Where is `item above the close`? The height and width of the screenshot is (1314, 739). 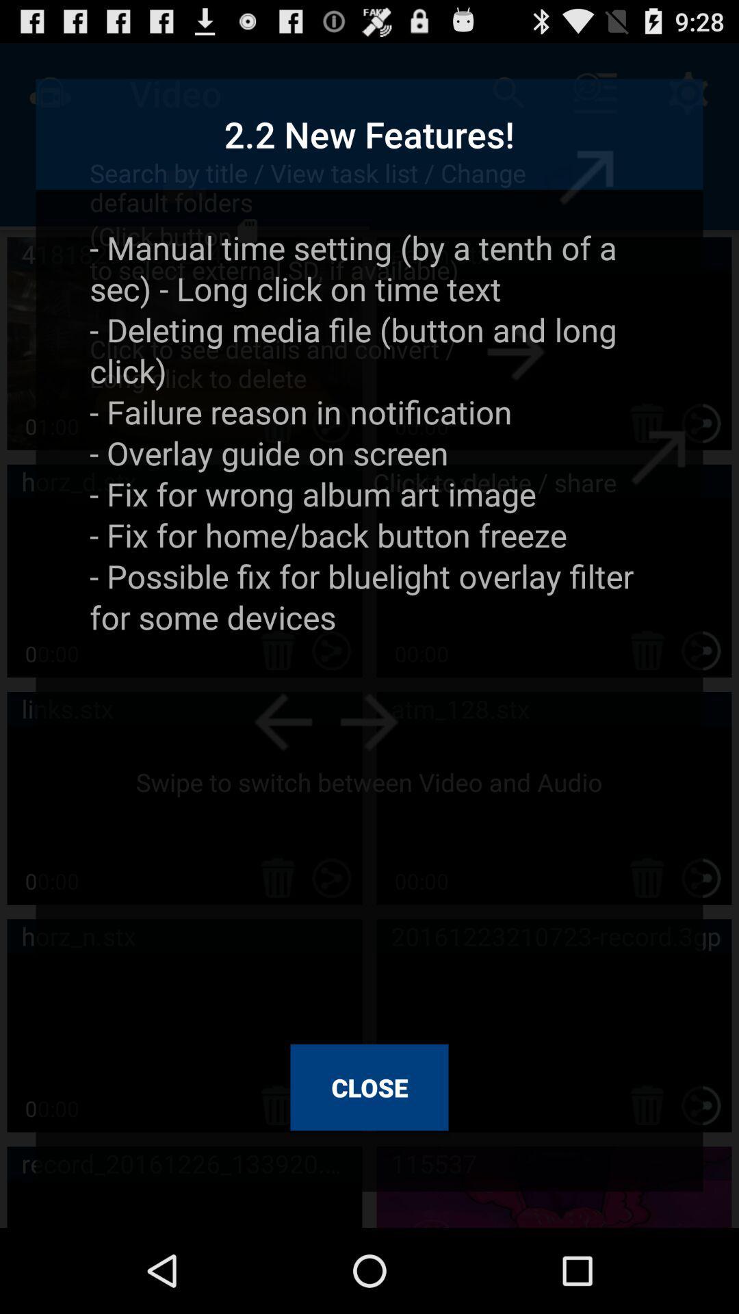 item above the close is located at coordinates (369, 626).